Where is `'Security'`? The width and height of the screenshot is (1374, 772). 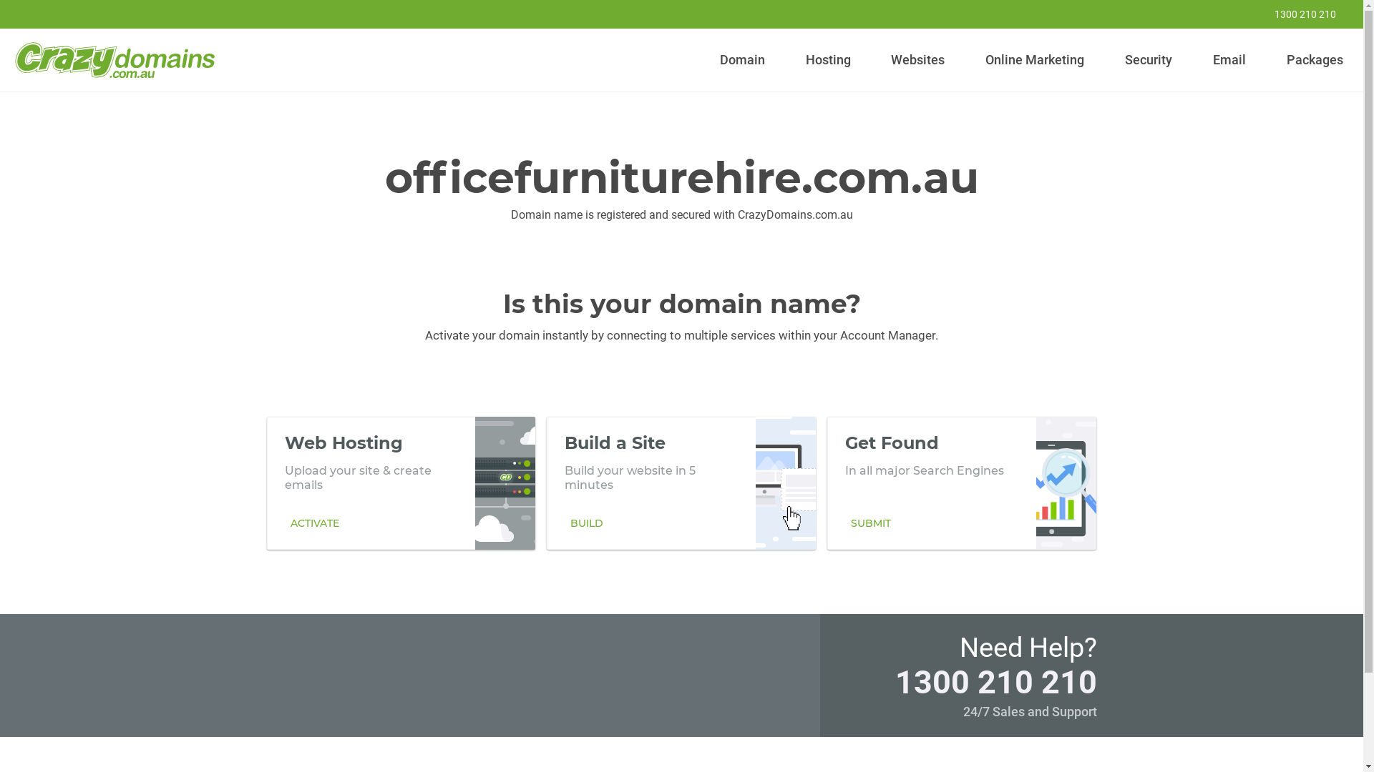 'Security' is located at coordinates (1149, 59).